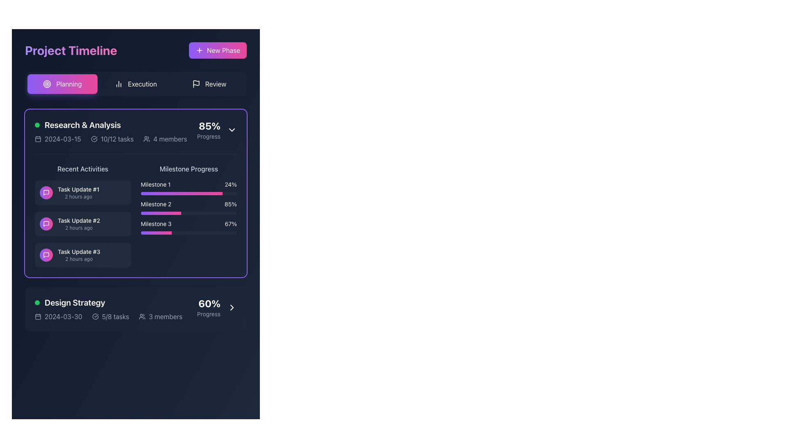 This screenshot has width=787, height=443. I want to click on the 'Recent Activities' text label, which is displayed in a medium font size and light grey color, located under the 'Research & Analysis' section, above the task list items, so click(83, 169).